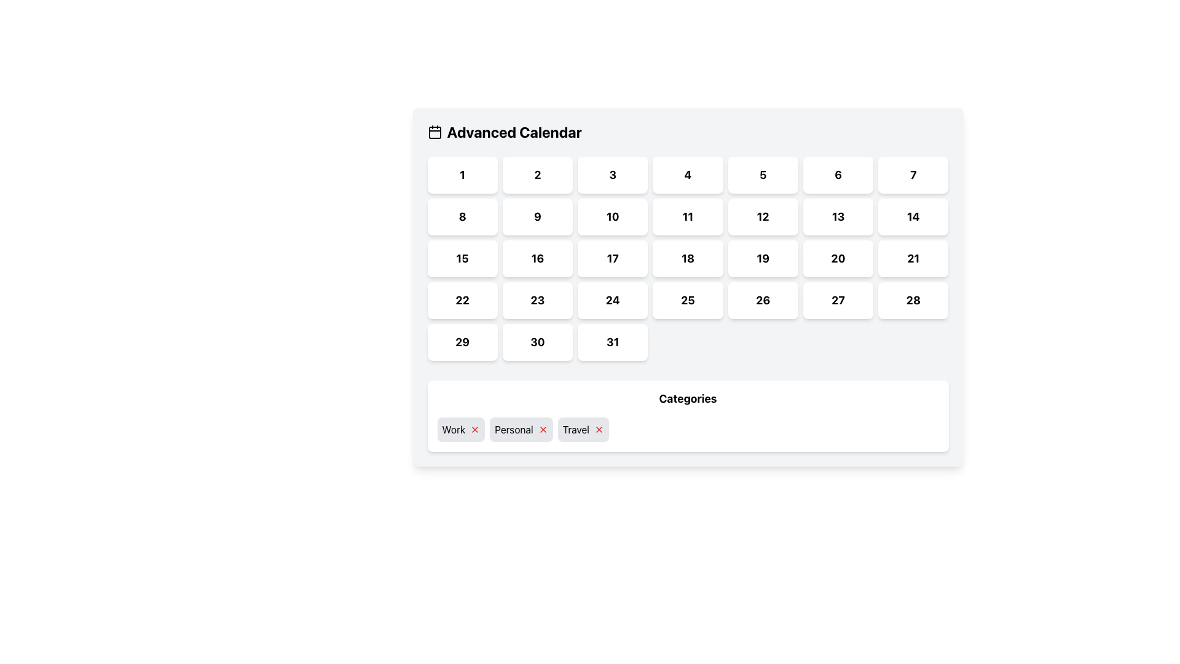 This screenshot has height=664, width=1180. Describe the element at coordinates (613, 175) in the screenshot. I see `the text element displaying the number '3' in the calendar interface, which is located in the third column of the first row` at that location.